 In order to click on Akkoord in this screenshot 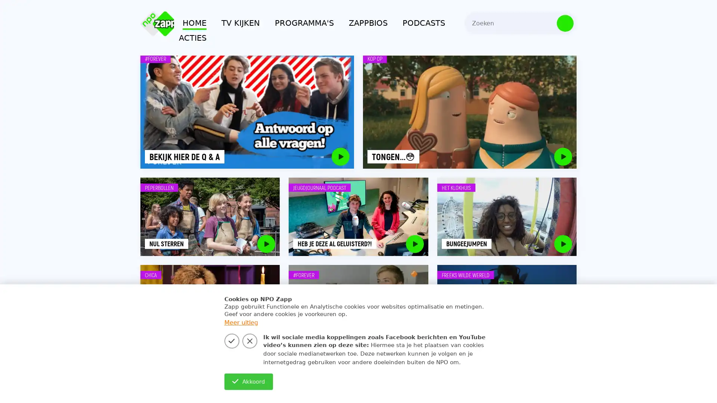, I will do `click(248, 381)`.